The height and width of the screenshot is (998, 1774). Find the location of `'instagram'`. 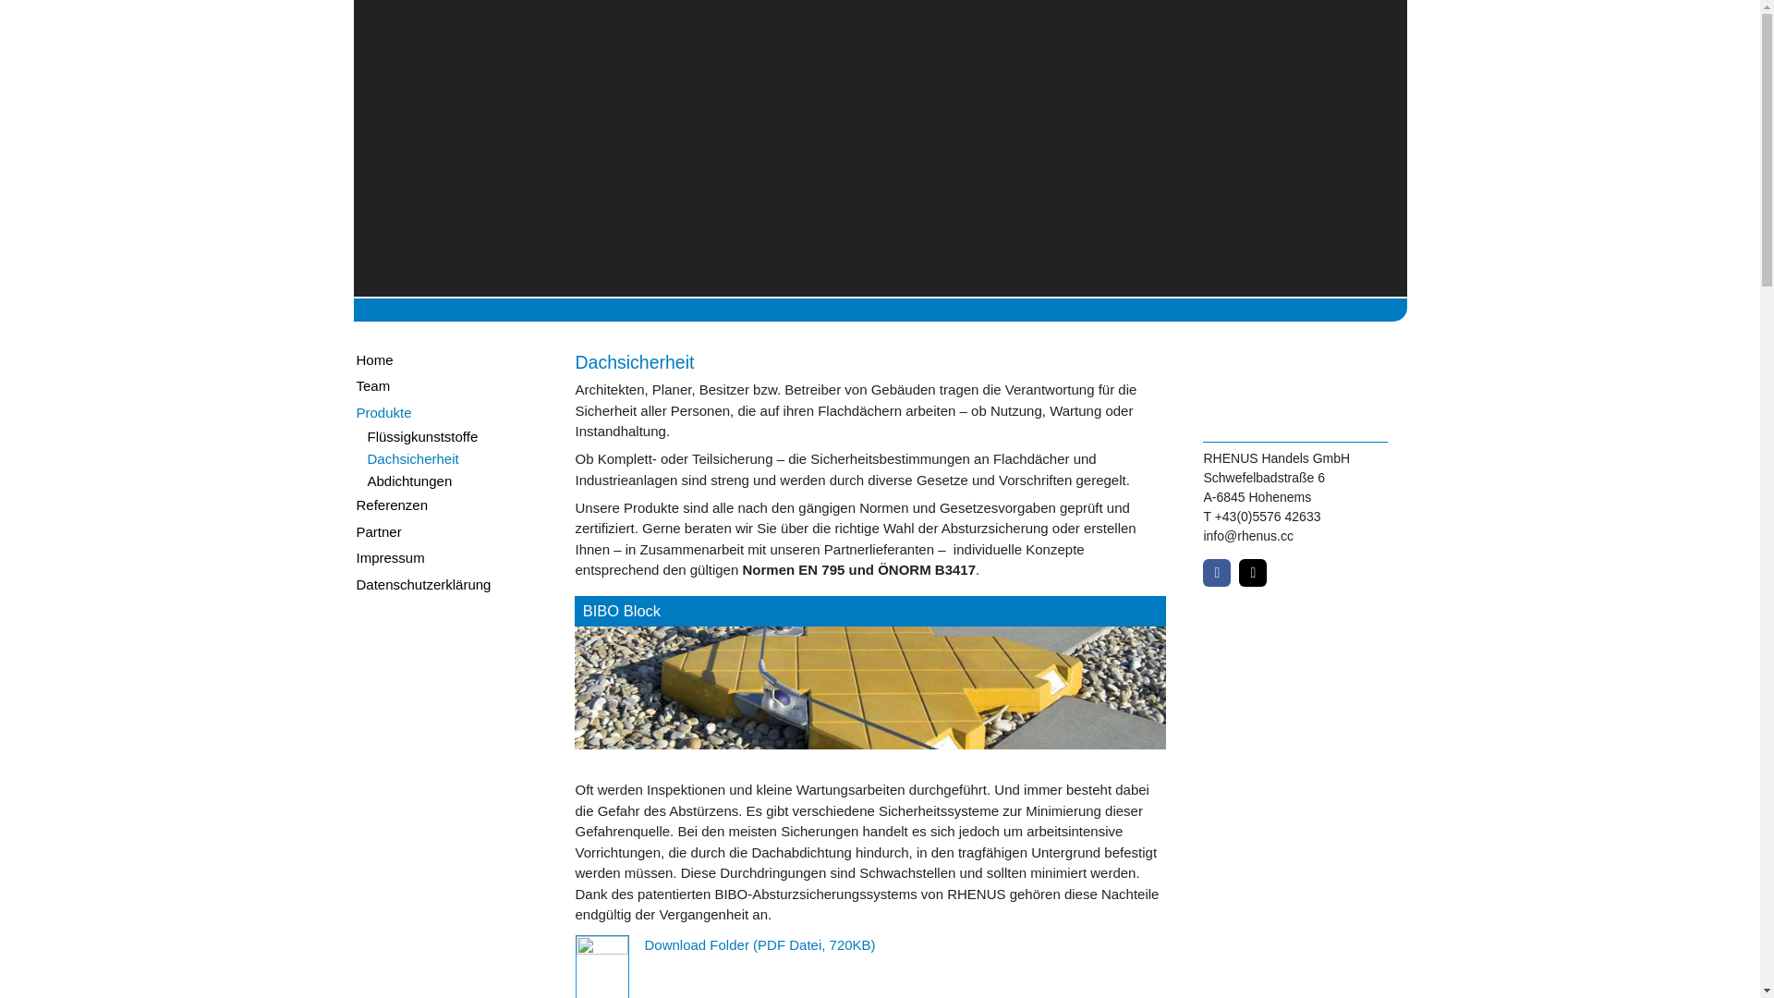

'instagram' is located at coordinates (1238, 572).